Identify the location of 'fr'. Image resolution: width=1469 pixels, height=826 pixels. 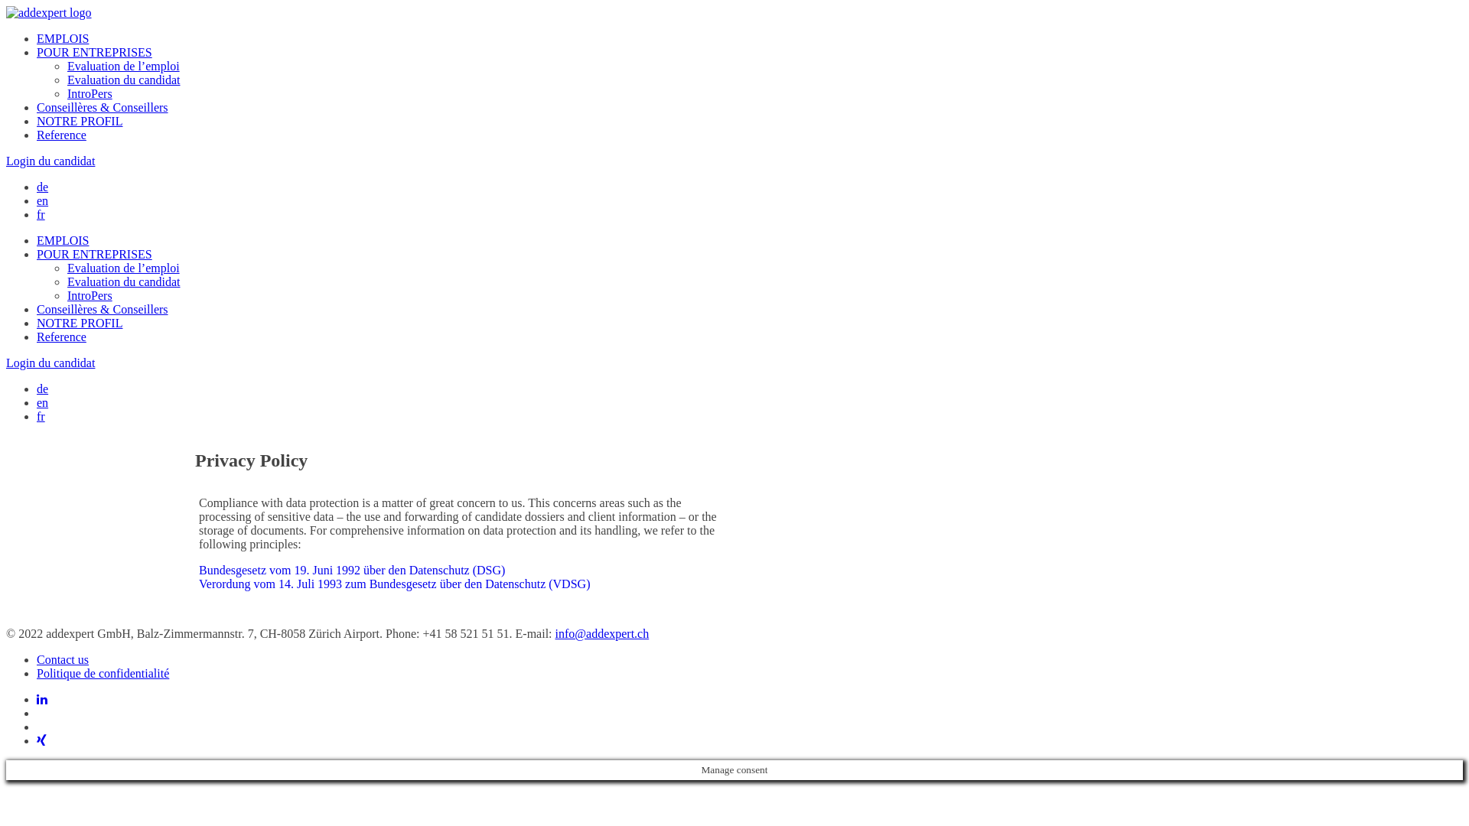
(41, 416).